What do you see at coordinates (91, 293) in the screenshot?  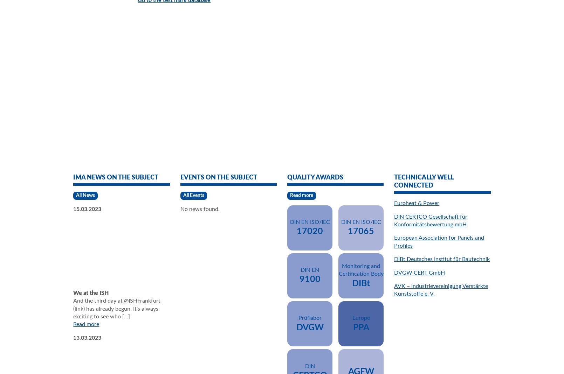 I see `'We at the ISH'` at bounding box center [91, 293].